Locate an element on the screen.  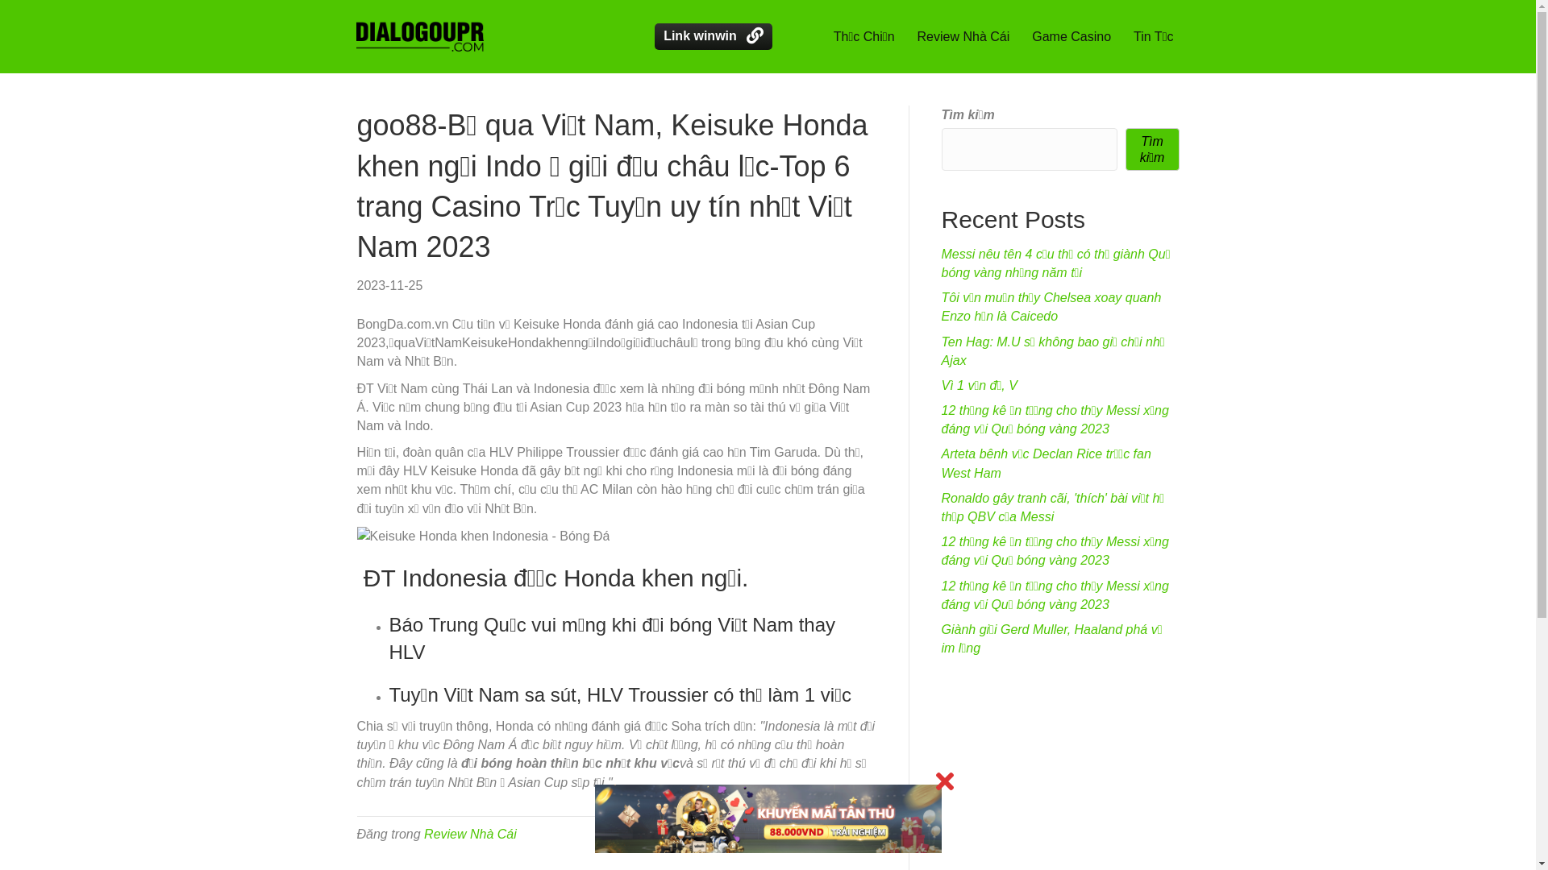
'Link winwin' is located at coordinates (712, 36).